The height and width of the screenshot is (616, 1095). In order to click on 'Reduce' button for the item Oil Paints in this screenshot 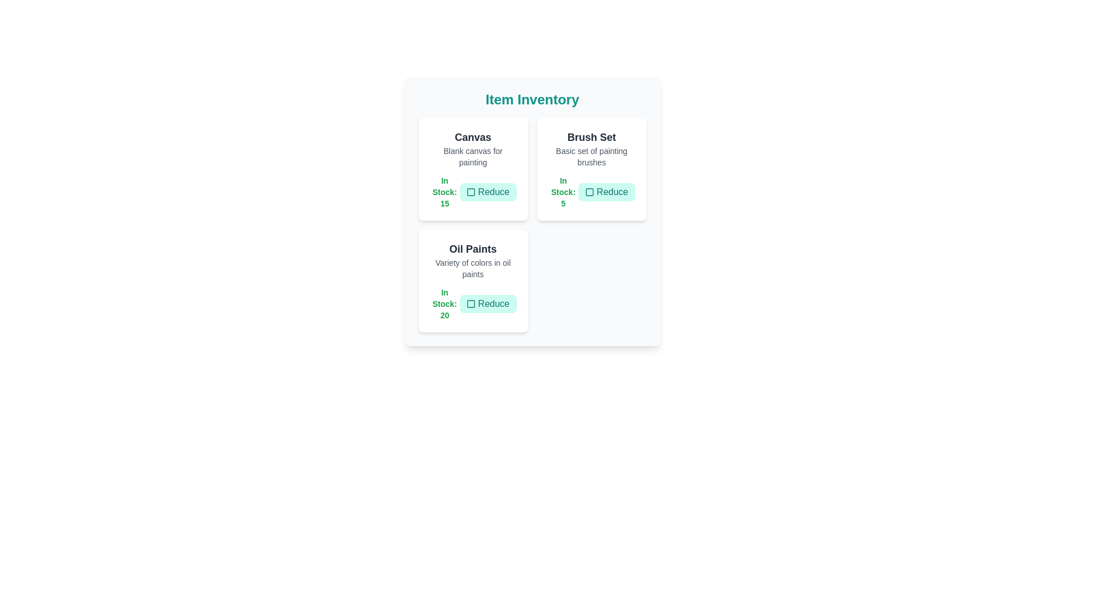, I will do `click(488, 303)`.